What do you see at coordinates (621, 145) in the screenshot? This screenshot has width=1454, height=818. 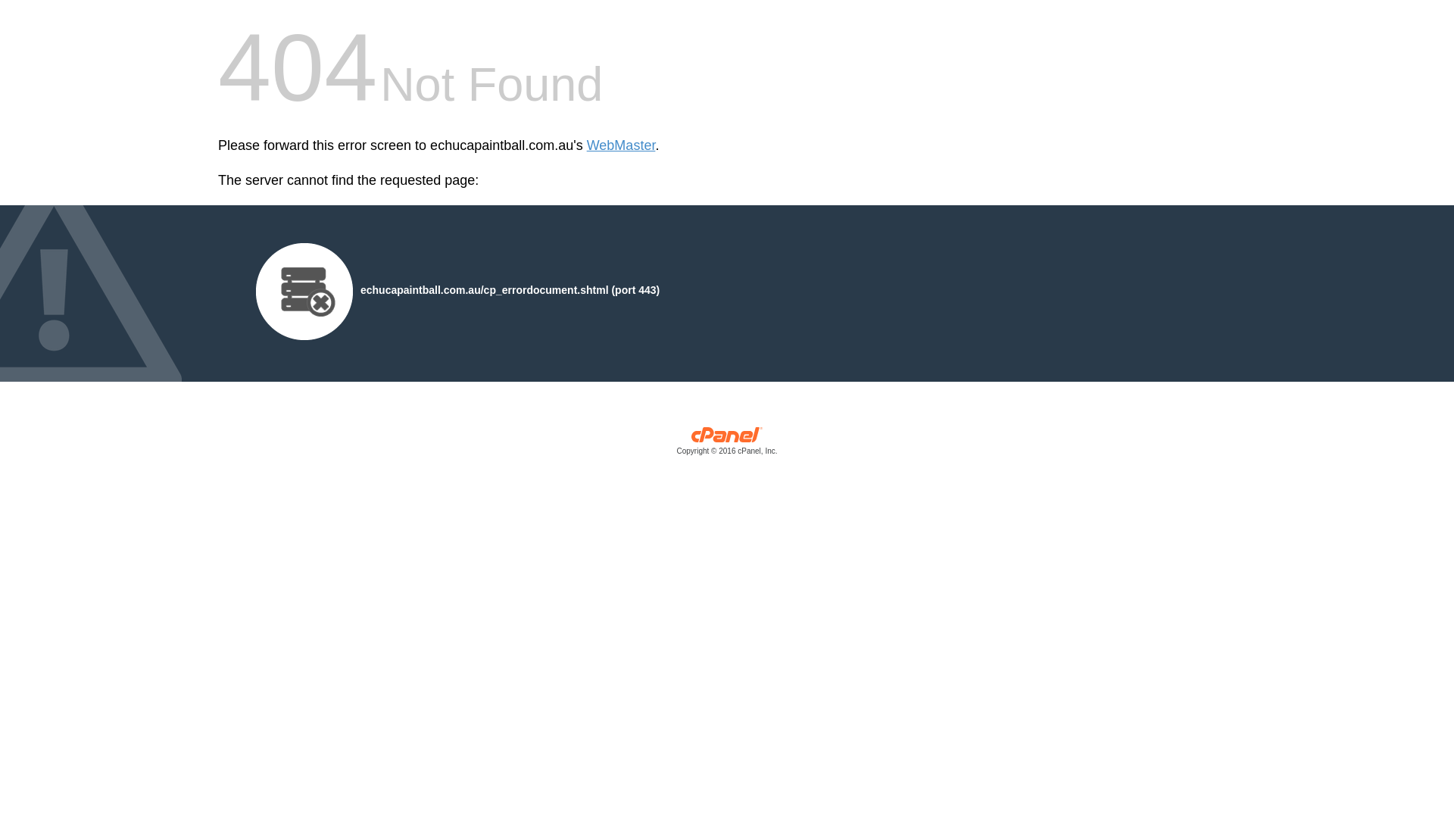 I see `'WebMaster'` at bounding box center [621, 145].